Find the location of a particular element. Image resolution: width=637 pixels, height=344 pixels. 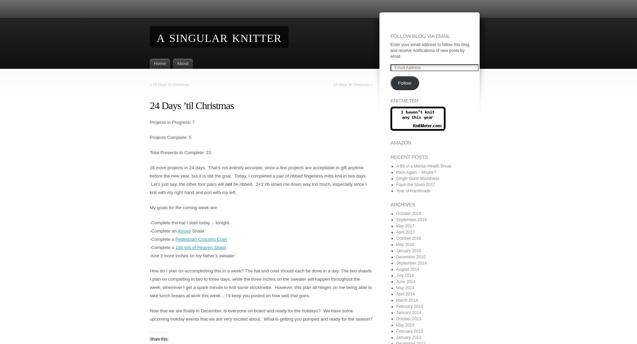

'February 2014' is located at coordinates (409, 306).